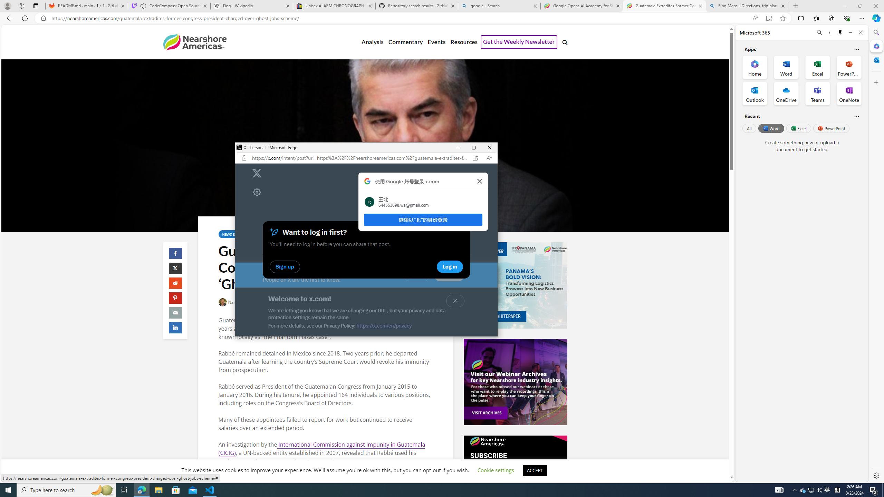  What do you see at coordinates (143, 5) in the screenshot?
I see `'Mute tab'` at bounding box center [143, 5].